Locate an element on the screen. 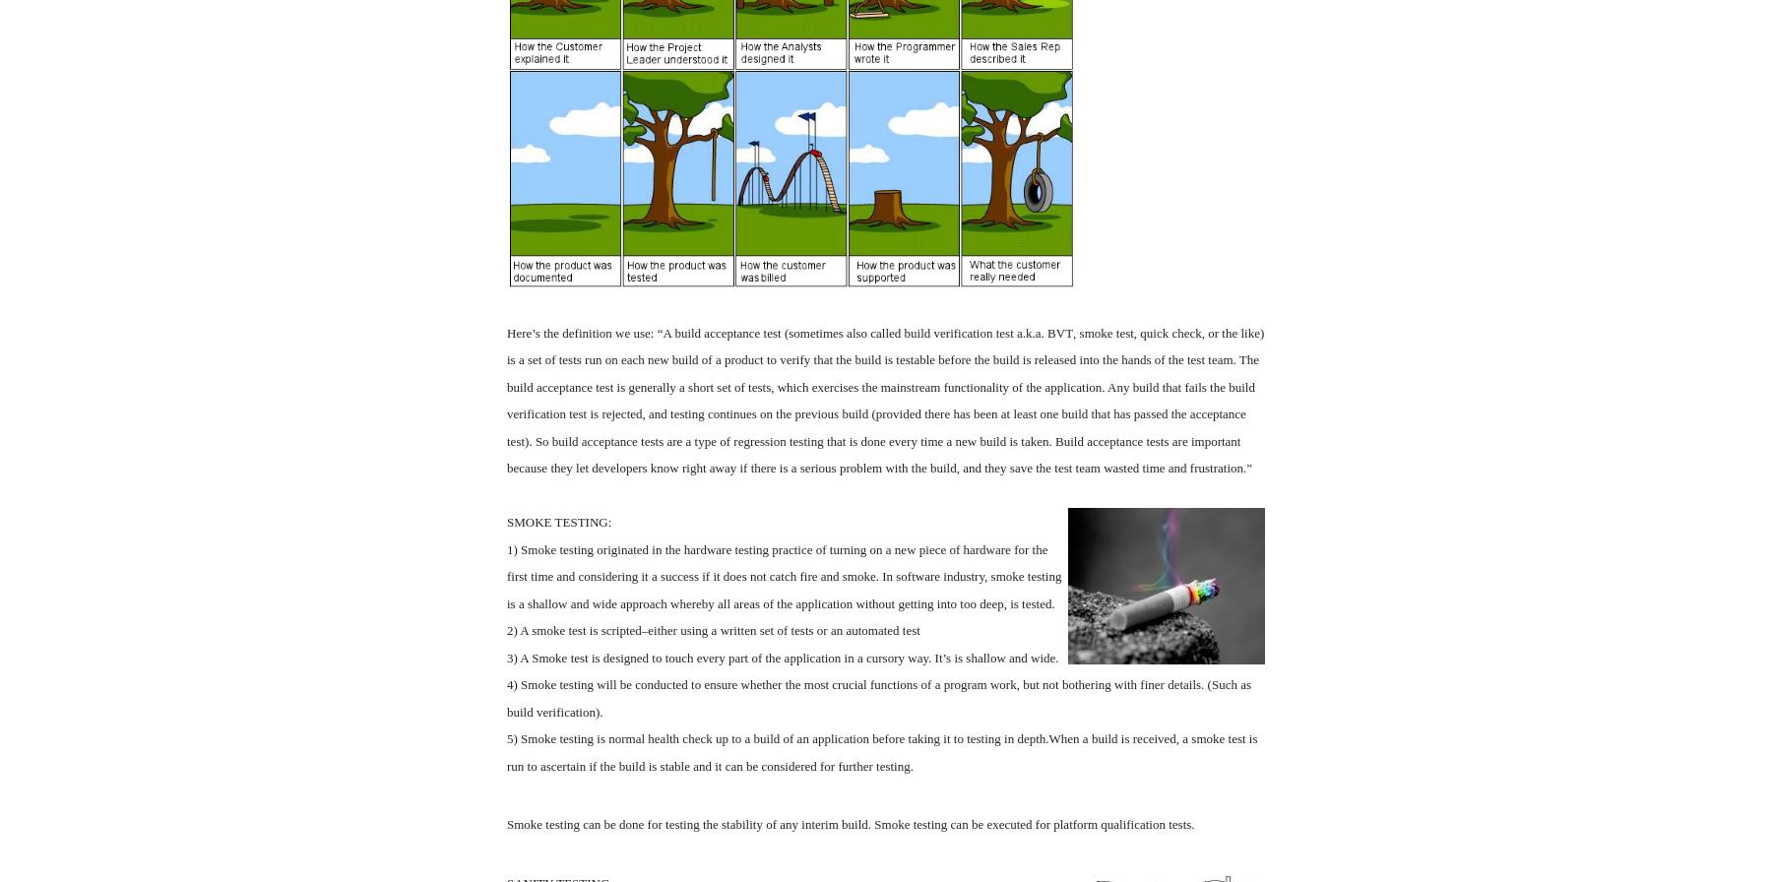 Image resolution: width=1772 pixels, height=882 pixels. 'Smoke testing can be done for testing the stability of any interim build. Smoke testing can be executed for platform qualification tests.' is located at coordinates (851, 824).